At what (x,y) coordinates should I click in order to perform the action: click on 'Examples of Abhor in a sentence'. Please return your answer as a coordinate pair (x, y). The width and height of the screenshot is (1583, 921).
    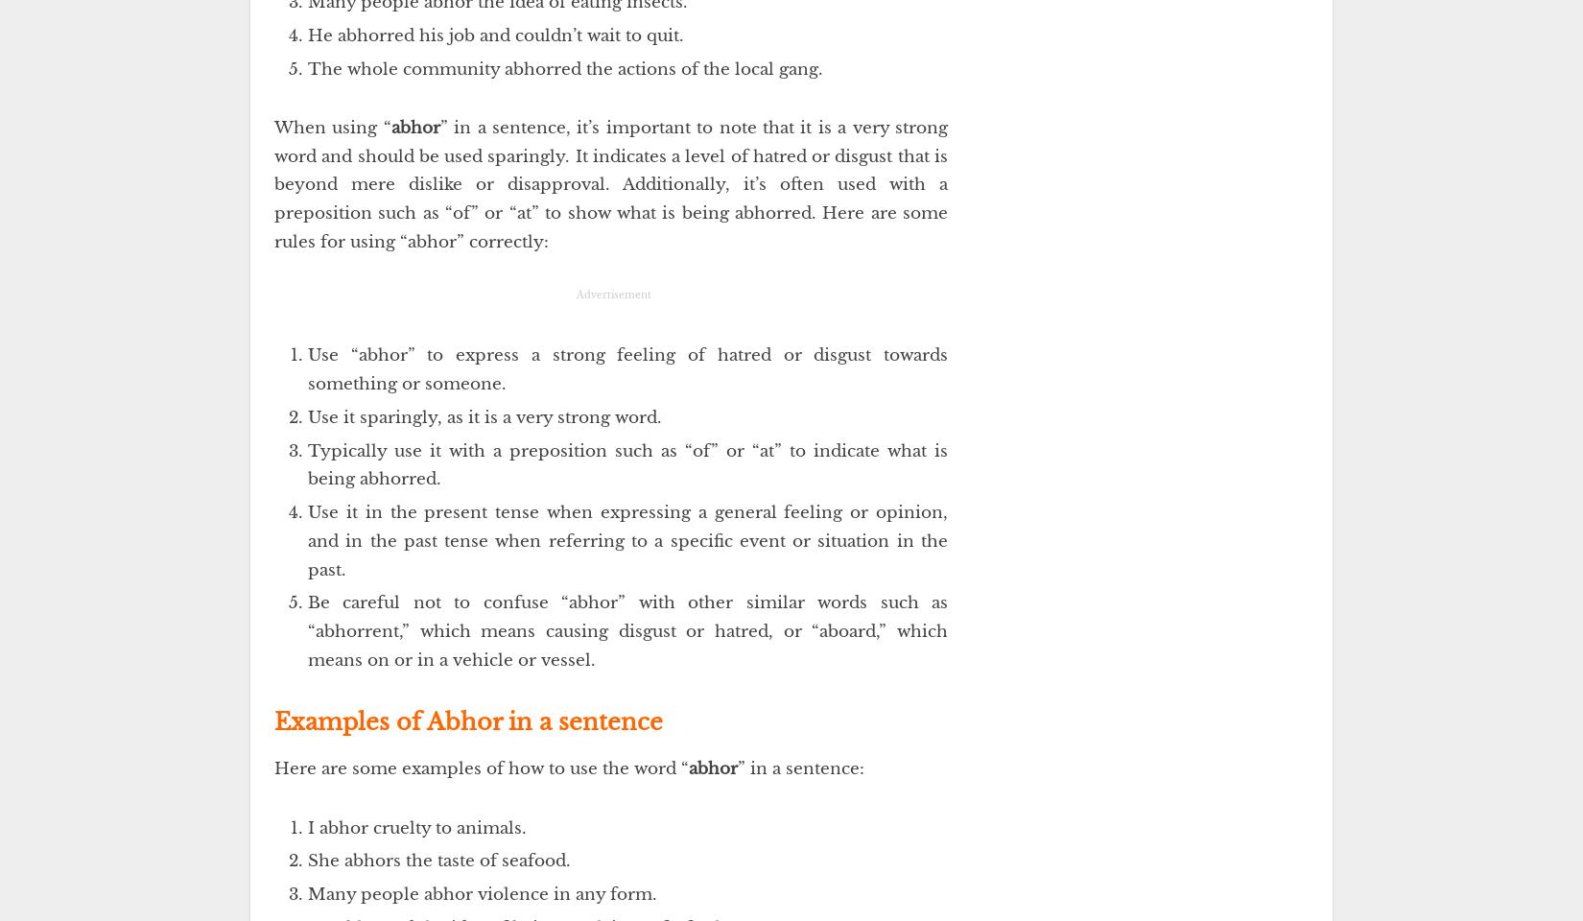
    Looking at the image, I should click on (467, 720).